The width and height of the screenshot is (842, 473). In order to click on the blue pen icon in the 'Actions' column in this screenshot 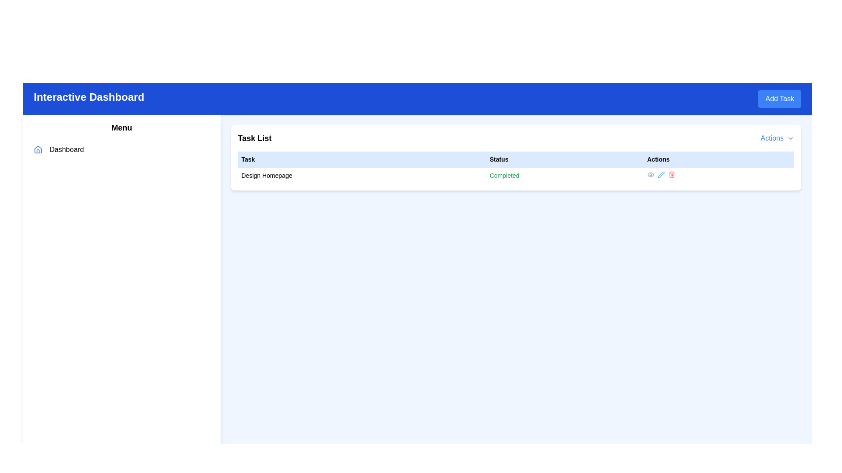, I will do `click(661, 174)`.